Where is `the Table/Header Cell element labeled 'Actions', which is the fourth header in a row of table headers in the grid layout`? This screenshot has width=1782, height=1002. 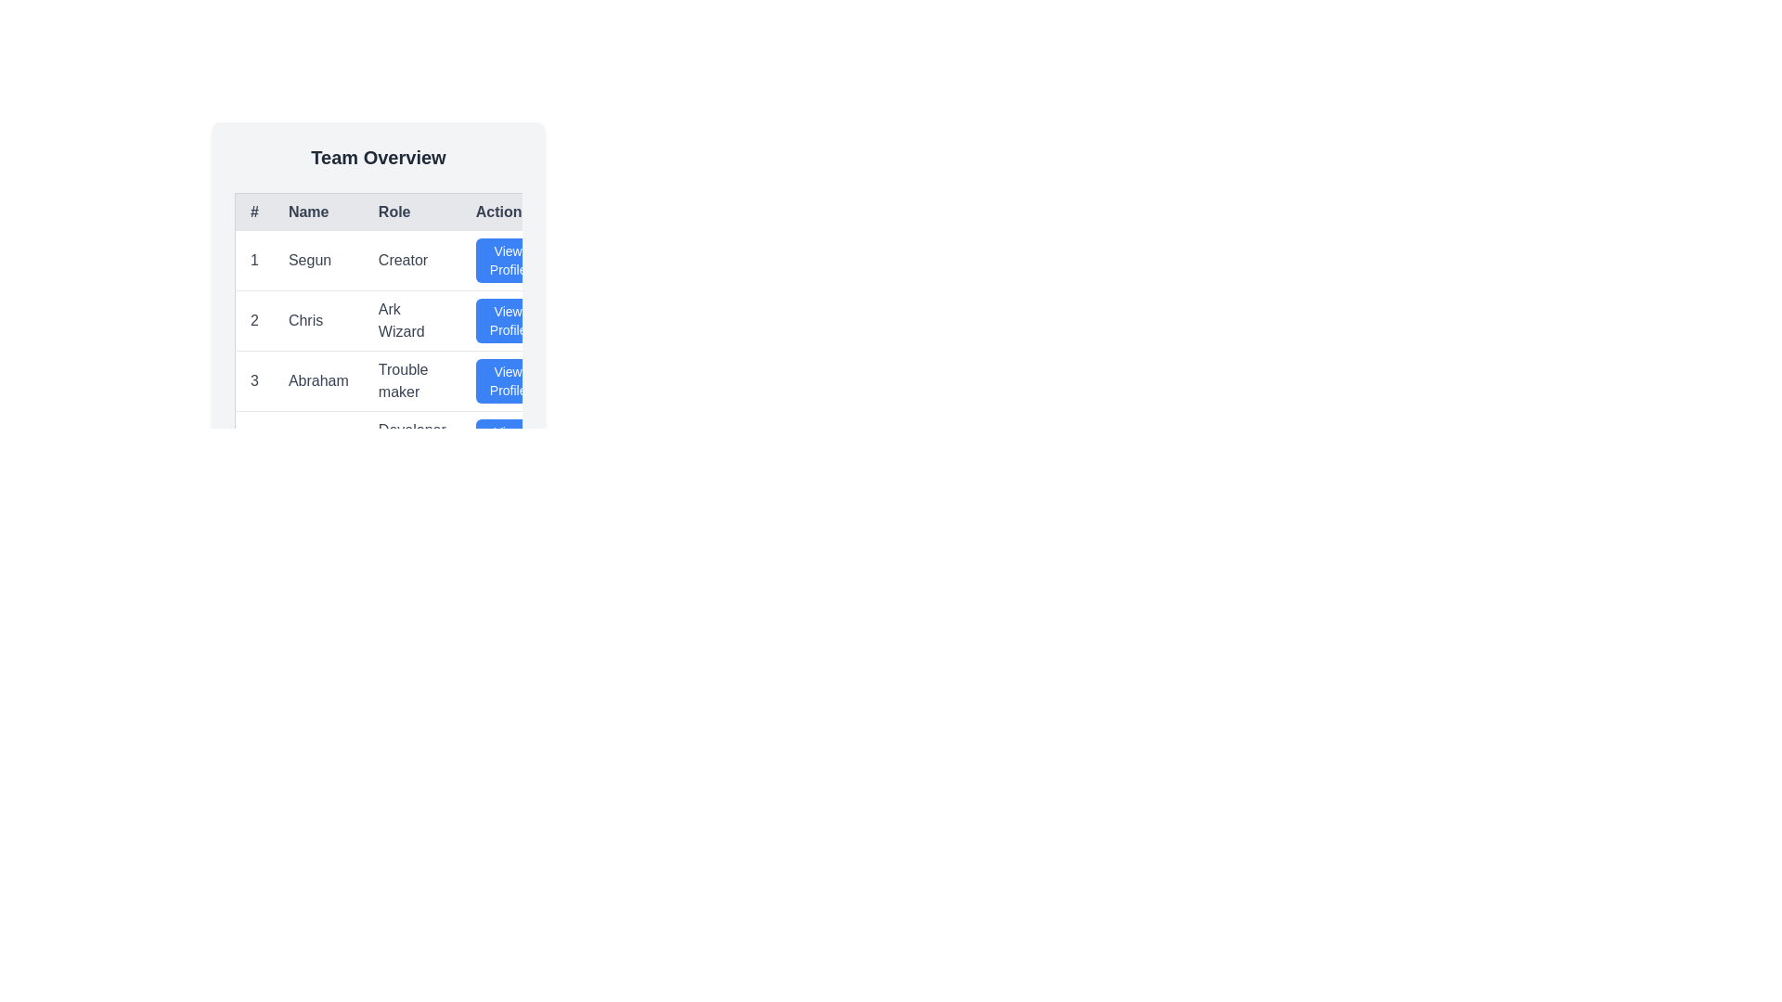
the Table/Header Cell element labeled 'Actions', which is the fourth header in a row of table headers in the grid layout is located at coordinates (516, 211).